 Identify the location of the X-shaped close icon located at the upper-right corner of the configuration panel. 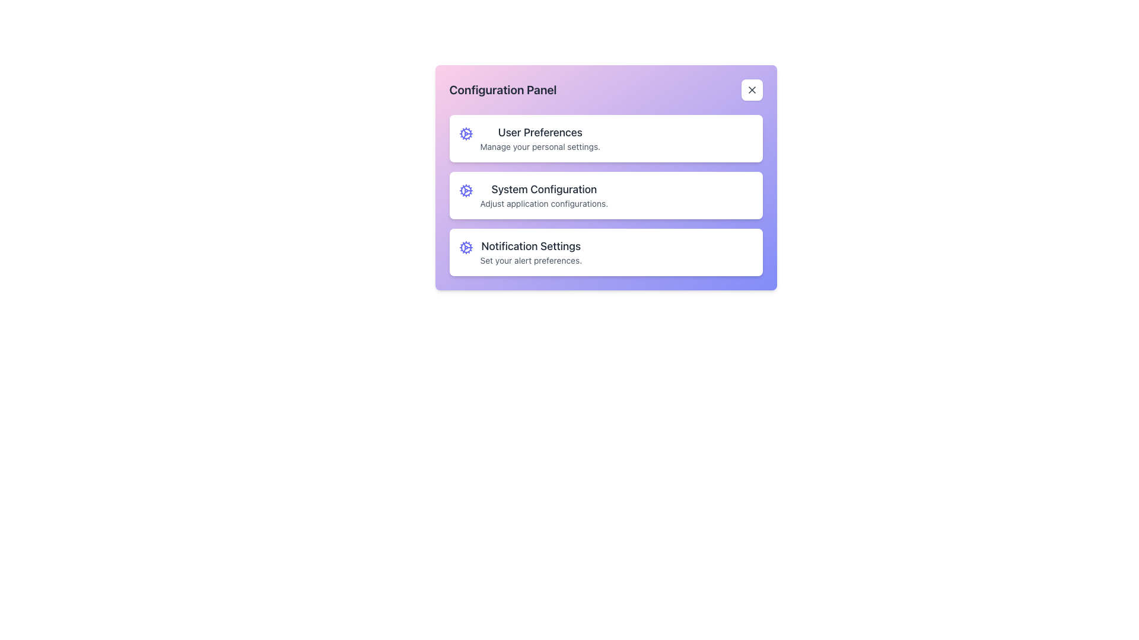
(751, 89).